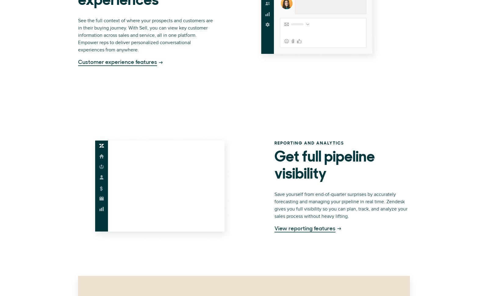 Image resolution: width=488 pixels, height=296 pixels. Describe the element at coordinates (153, 8) in the screenshot. I see `'Our Products'` at that location.